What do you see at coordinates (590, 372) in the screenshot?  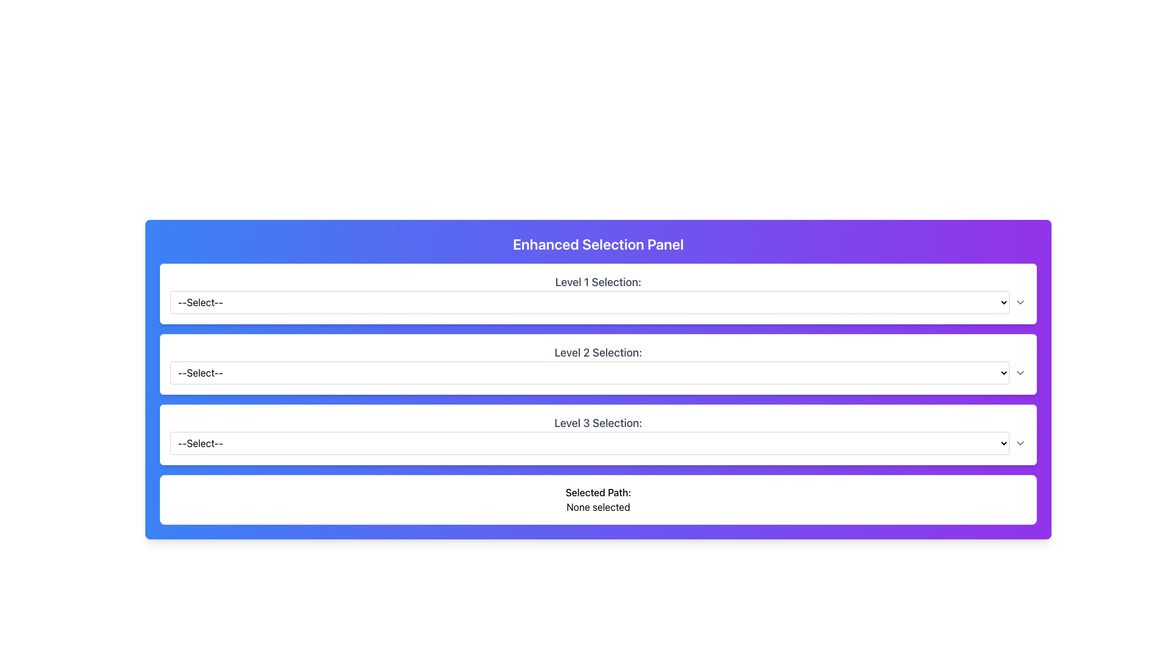 I see `the 'Level 2 Selection' dropdown menu by moving the cursor to its center point` at bounding box center [590, 372].